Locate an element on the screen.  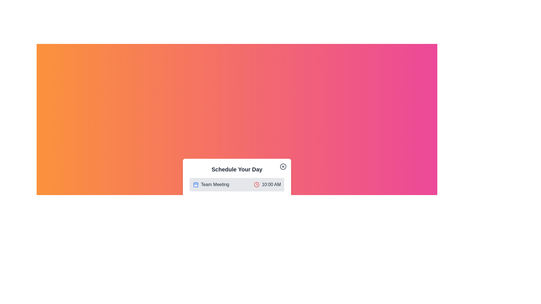
the circular border element of the SVG icon located in the top-right corner of the 'Schedule Your Day' card component is located at coordinates (283, 166).